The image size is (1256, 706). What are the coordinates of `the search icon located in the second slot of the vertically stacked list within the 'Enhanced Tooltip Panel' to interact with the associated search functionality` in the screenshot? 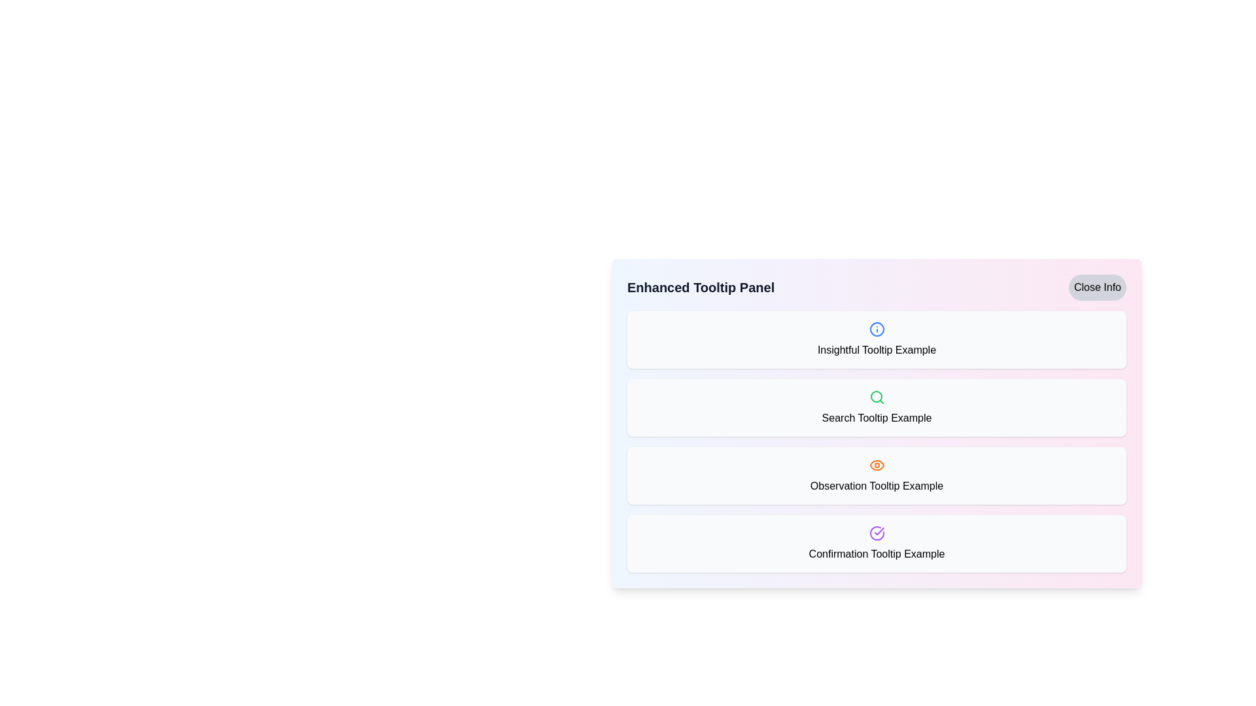 It's located at (877, 397).